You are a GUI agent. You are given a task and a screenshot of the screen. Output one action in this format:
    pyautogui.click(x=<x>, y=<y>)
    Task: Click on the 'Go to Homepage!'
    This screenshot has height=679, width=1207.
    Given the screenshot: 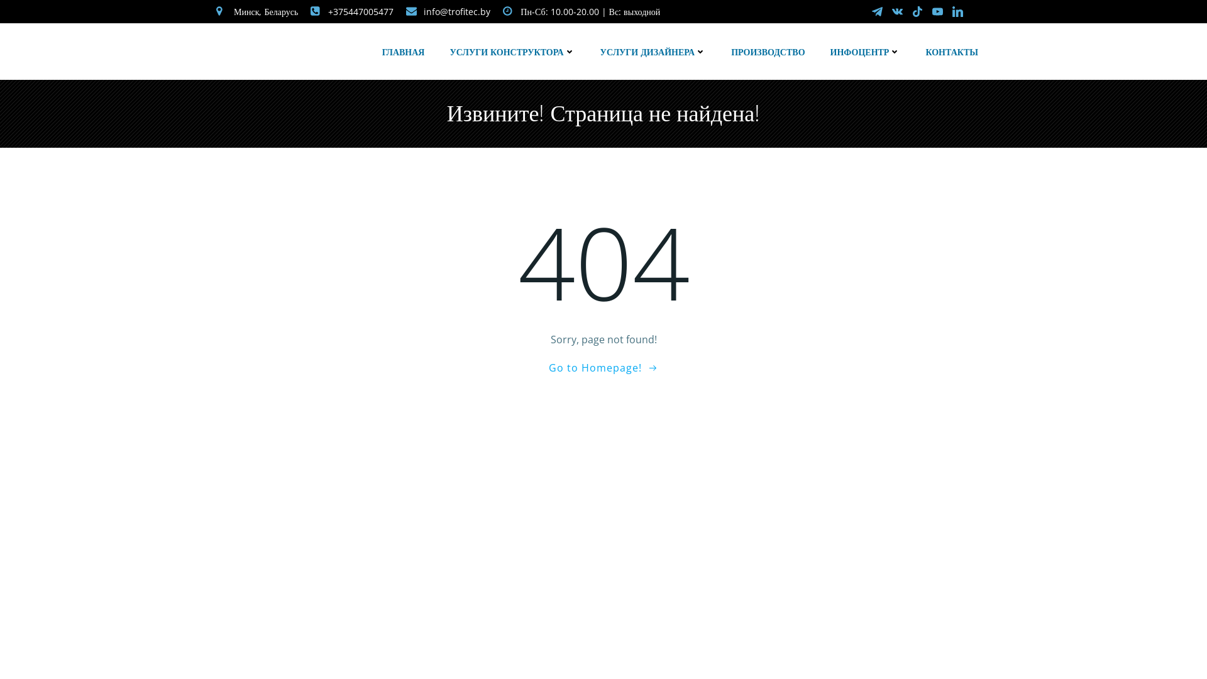 What is the action you would take?
    pyautogui.click(x=603, y=368)
    